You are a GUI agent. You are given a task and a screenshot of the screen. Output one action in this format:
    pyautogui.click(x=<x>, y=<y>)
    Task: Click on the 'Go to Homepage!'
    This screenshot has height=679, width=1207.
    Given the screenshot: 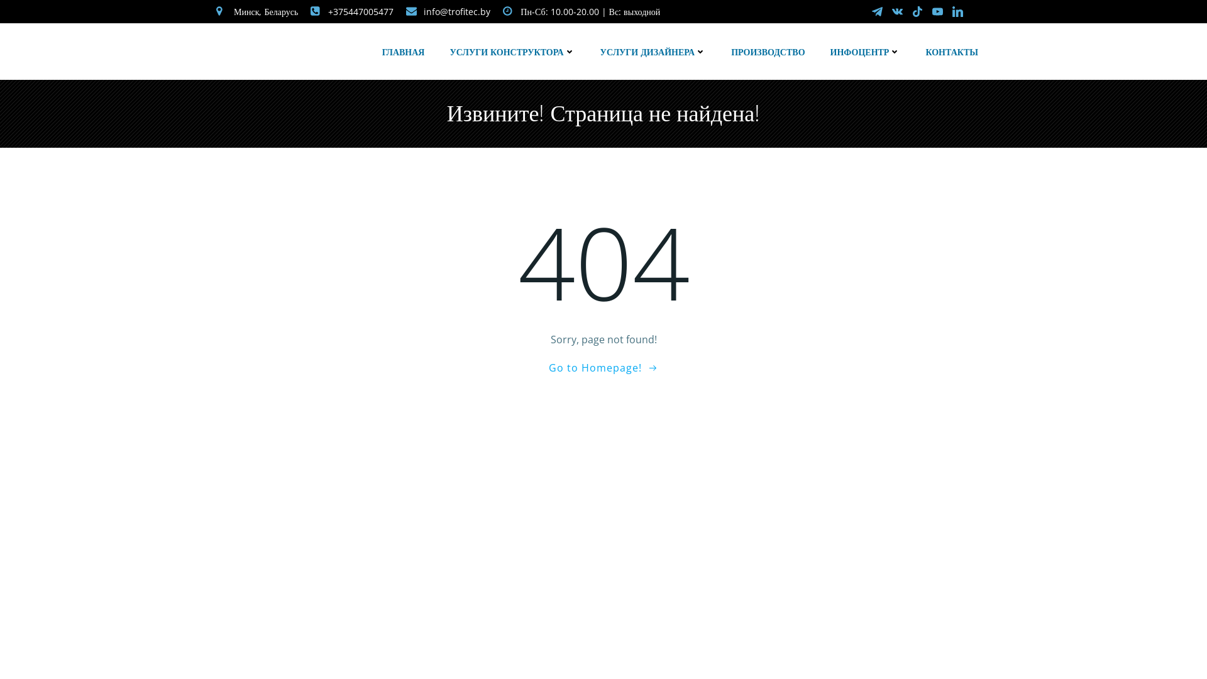 What is the action you would take?
    pyautogui.click(x=603, y=368)
    